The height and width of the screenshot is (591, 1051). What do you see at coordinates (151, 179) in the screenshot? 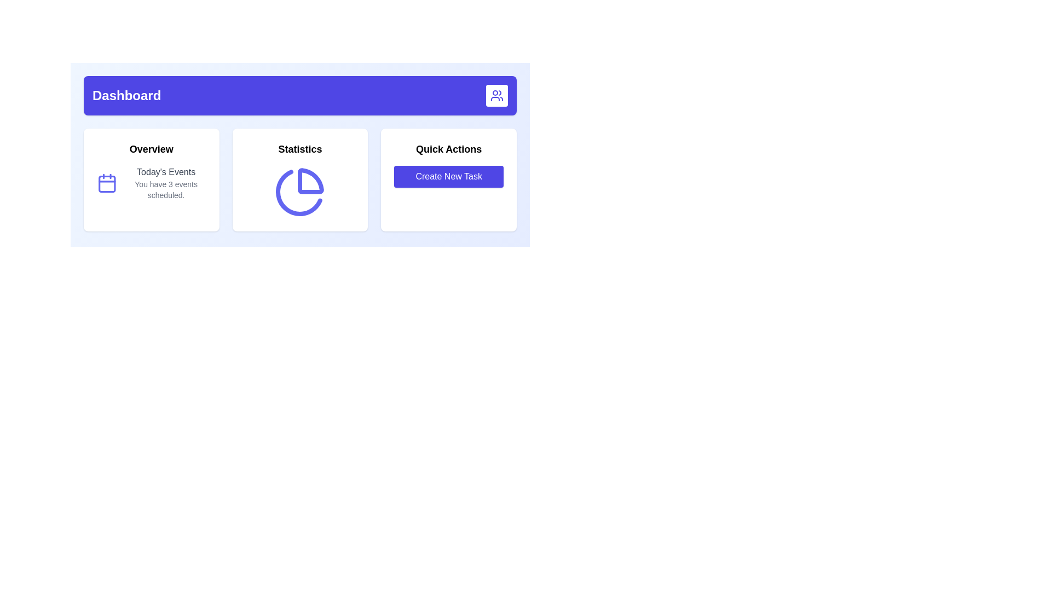
I see `the event summary card located in the leftmost position of the row, which provides an overview of the user's scheduled events for the day` at bounding box center [151, 179].